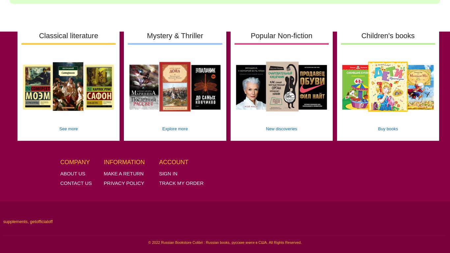 Image resolution: width=450 pixels, height=253 pixels. I want to click on ',', so click(28, 221).